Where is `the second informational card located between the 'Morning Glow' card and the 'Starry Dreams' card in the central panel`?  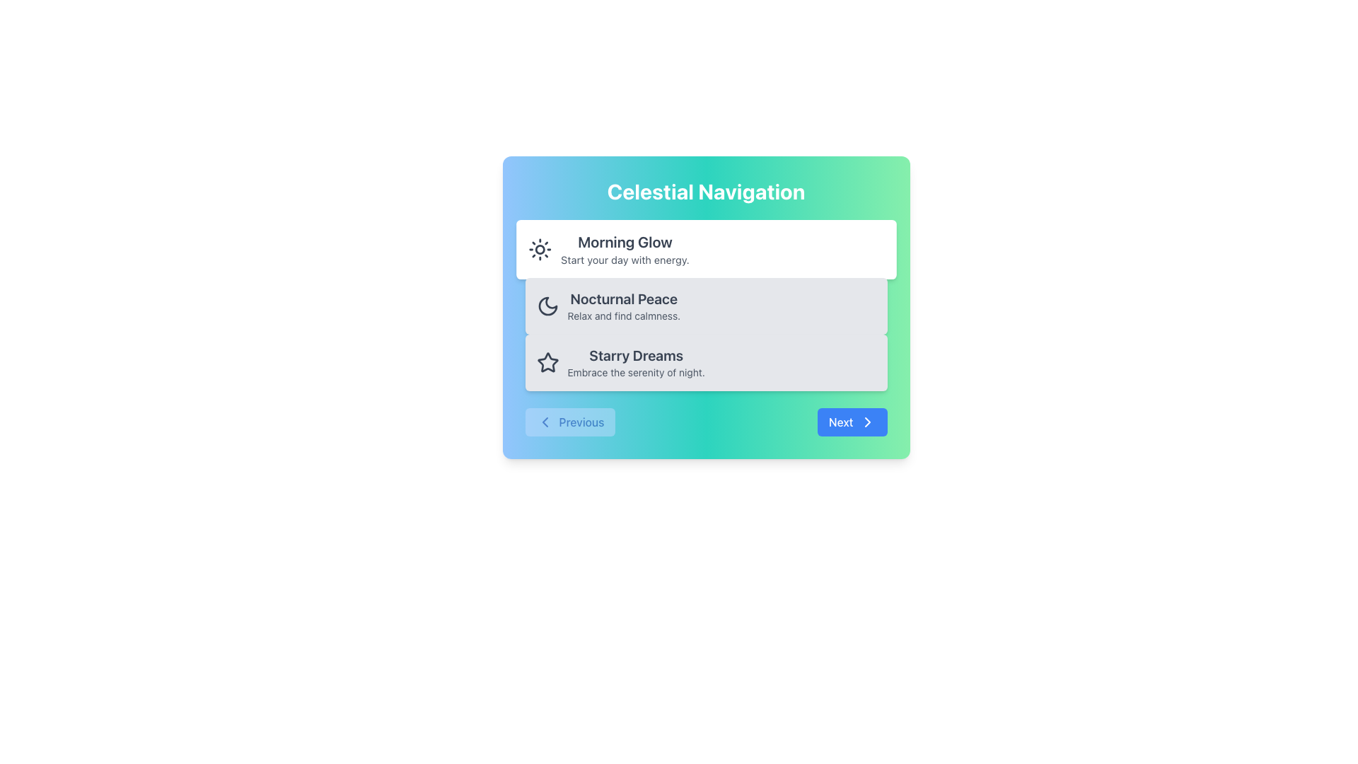
the second informational card located between the 'Morning Glow' card and the 'Starry Dreams' card in the central panel is located at coordinates (706, 305).